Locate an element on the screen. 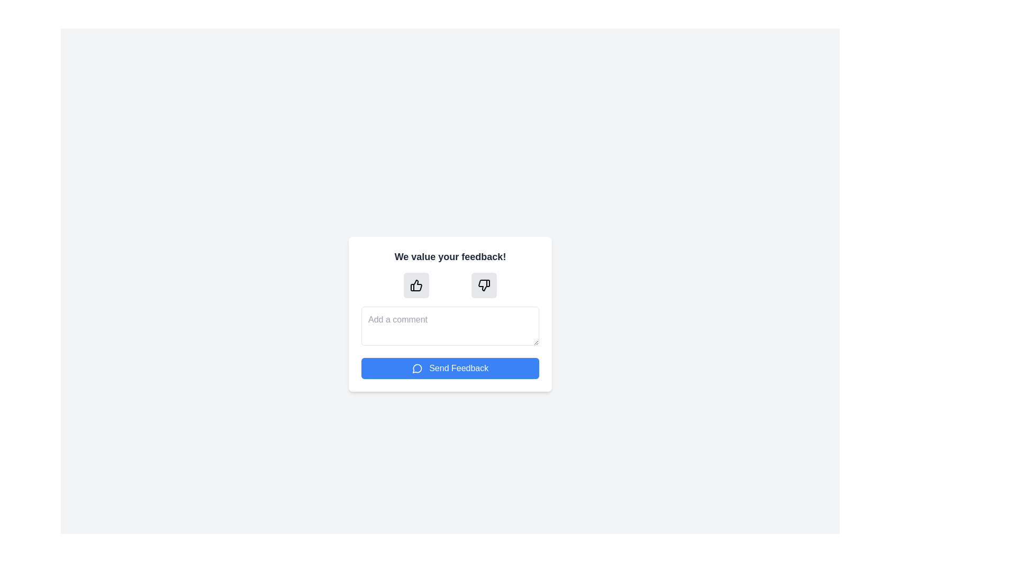 This screenshot has height=571, width=1016. the 'thumbs-up' icon located in the central part of the modal dialog is located at coordinates (416, 284).